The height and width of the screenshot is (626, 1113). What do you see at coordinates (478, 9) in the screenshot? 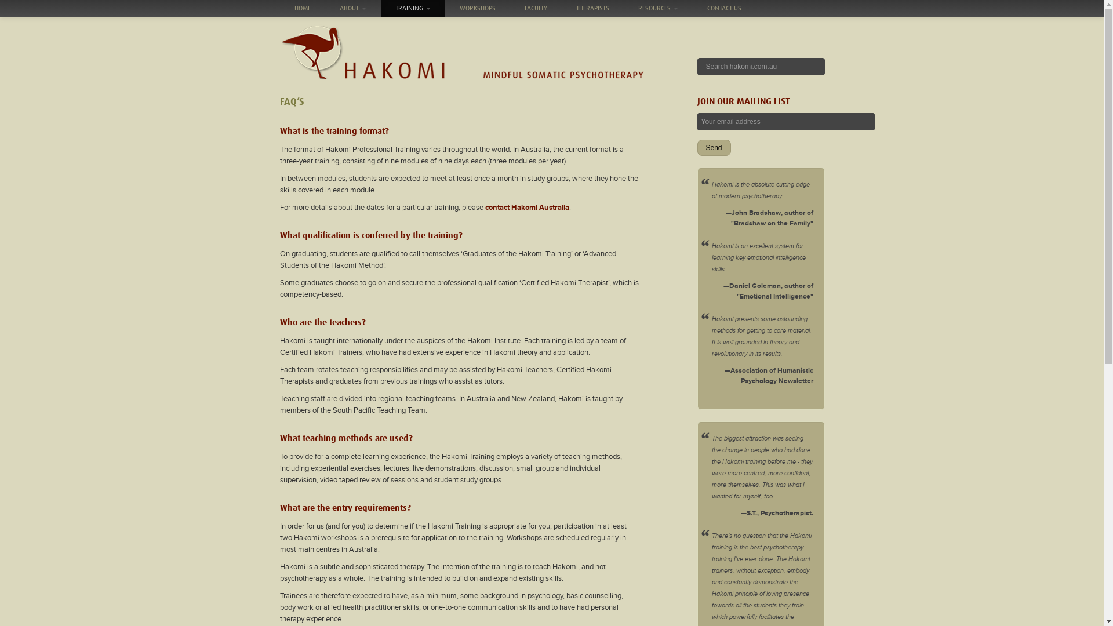
I see `'WORKSHOPS'` at bounding box center [478, 9].